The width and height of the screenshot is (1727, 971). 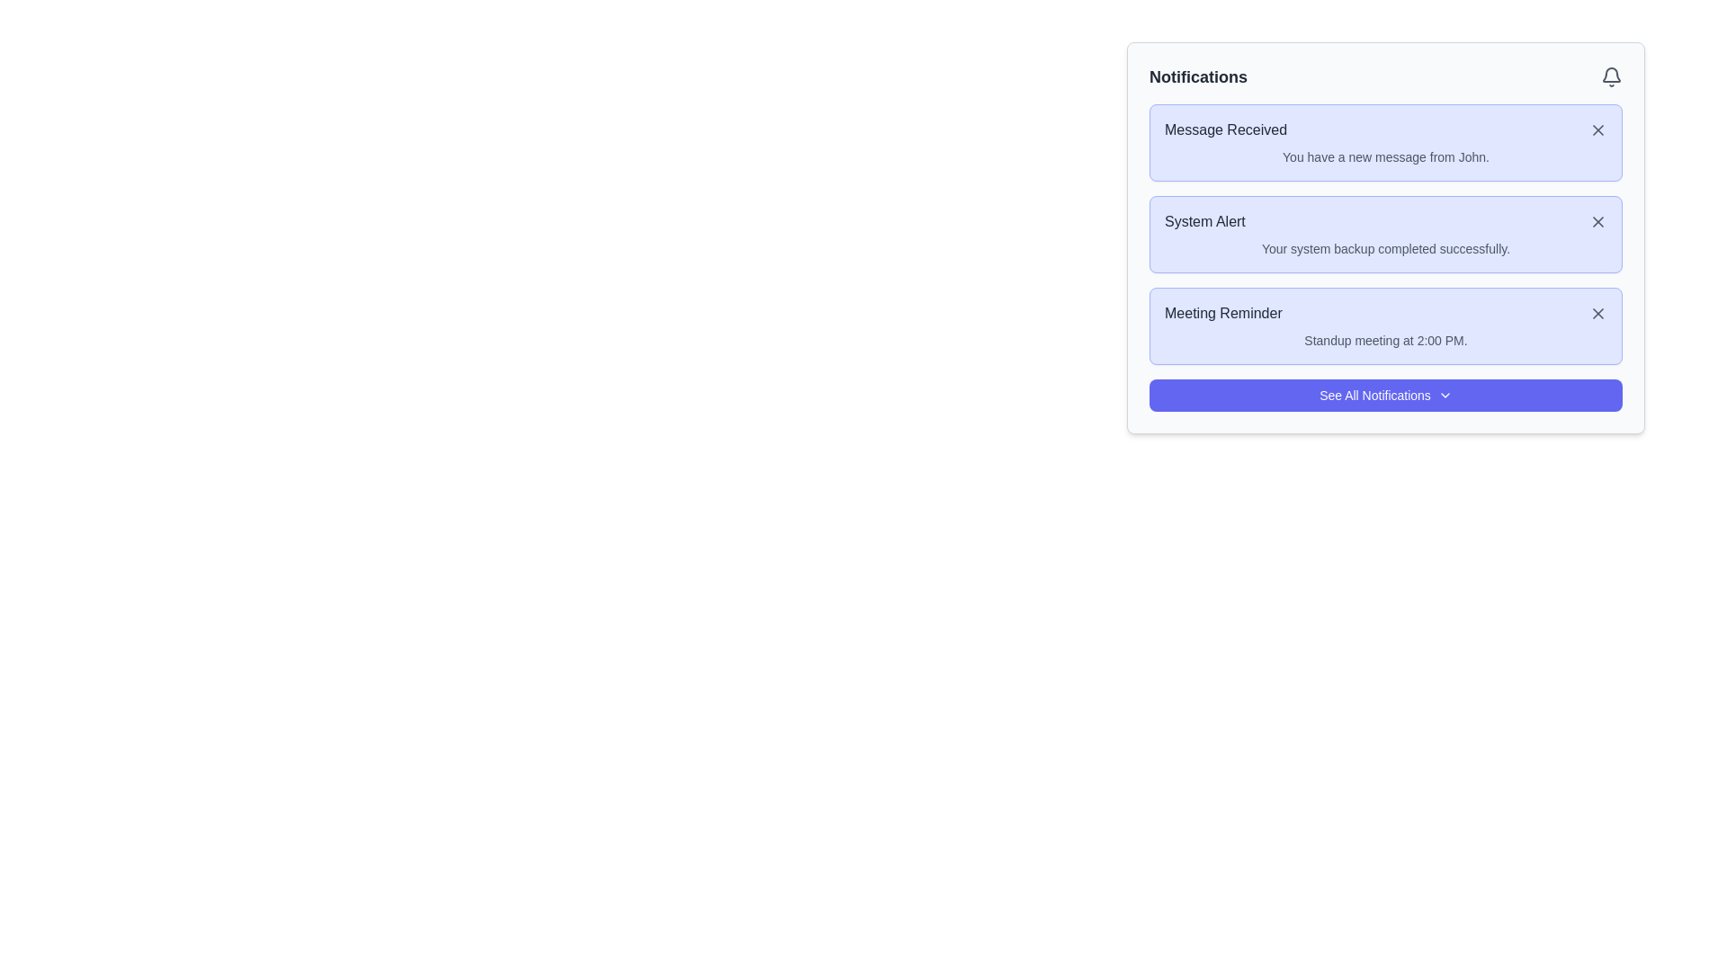 What do you see at coordinates (1597, 312) in the screenshot?
I see `the close button icon located at the far-right side of the 'Meeting Reminder' notification box` at bounding box center [1597, 312].